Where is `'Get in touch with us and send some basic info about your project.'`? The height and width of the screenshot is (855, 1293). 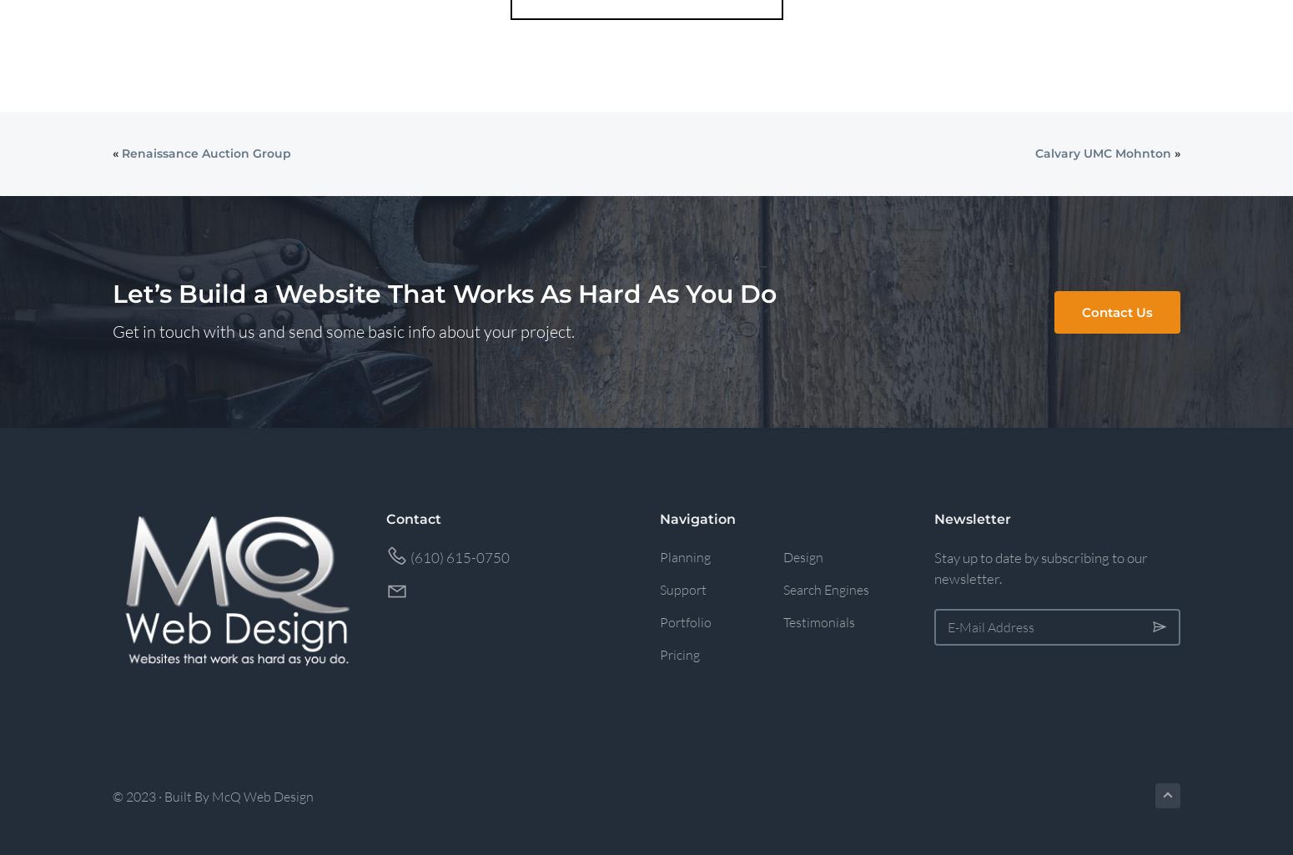 'Get in touch with us and send some basic info about your project.' is located at coordinates (343, 330).